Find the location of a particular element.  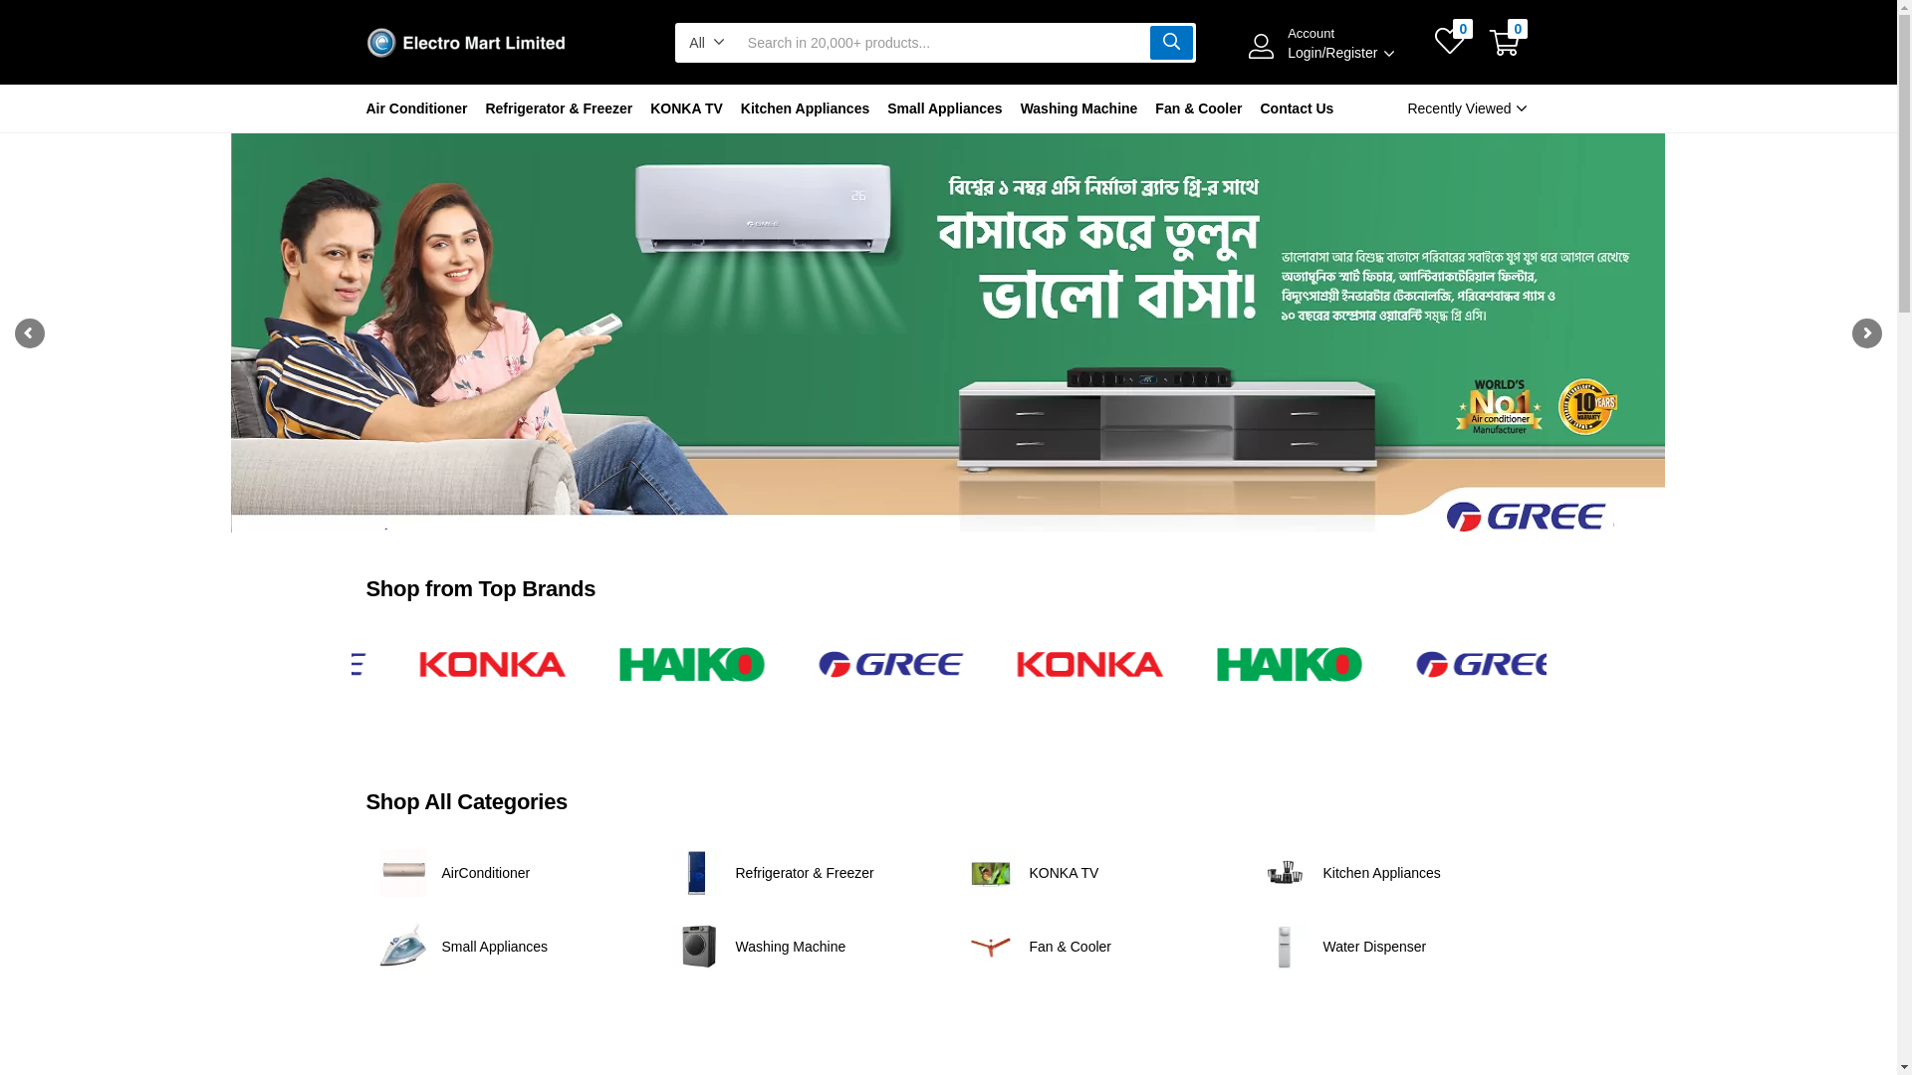

'AccountLogin/Register' is located at coordinates (1247, 43).